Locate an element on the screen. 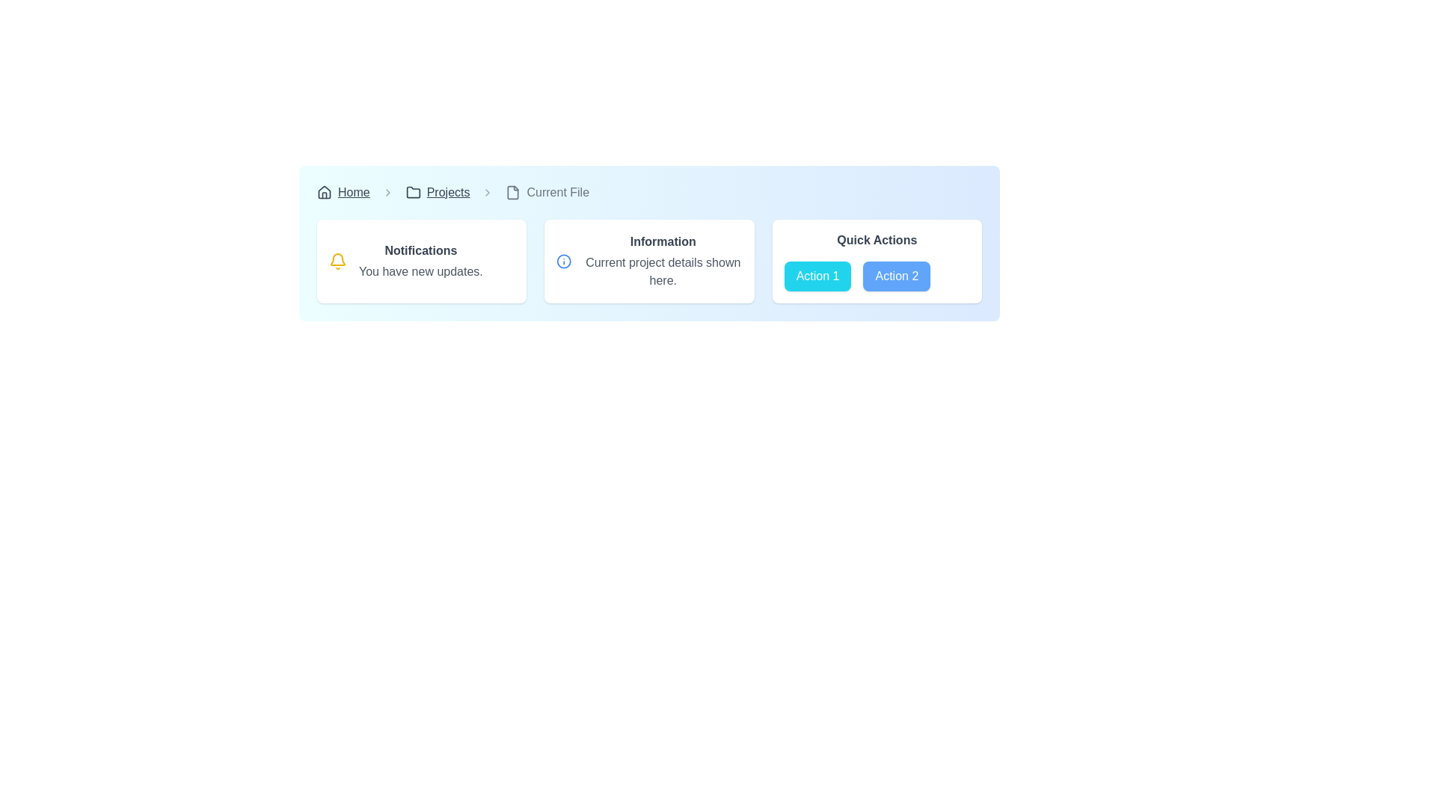 The height and width of the screenshot is (807, 1436). the button labeled 'Action 2' in the 'Quick Actions' panel, which is the third panel on the rightmost side containing two buttons styled with a cyan and blue background is located at coordinates (877, 261).